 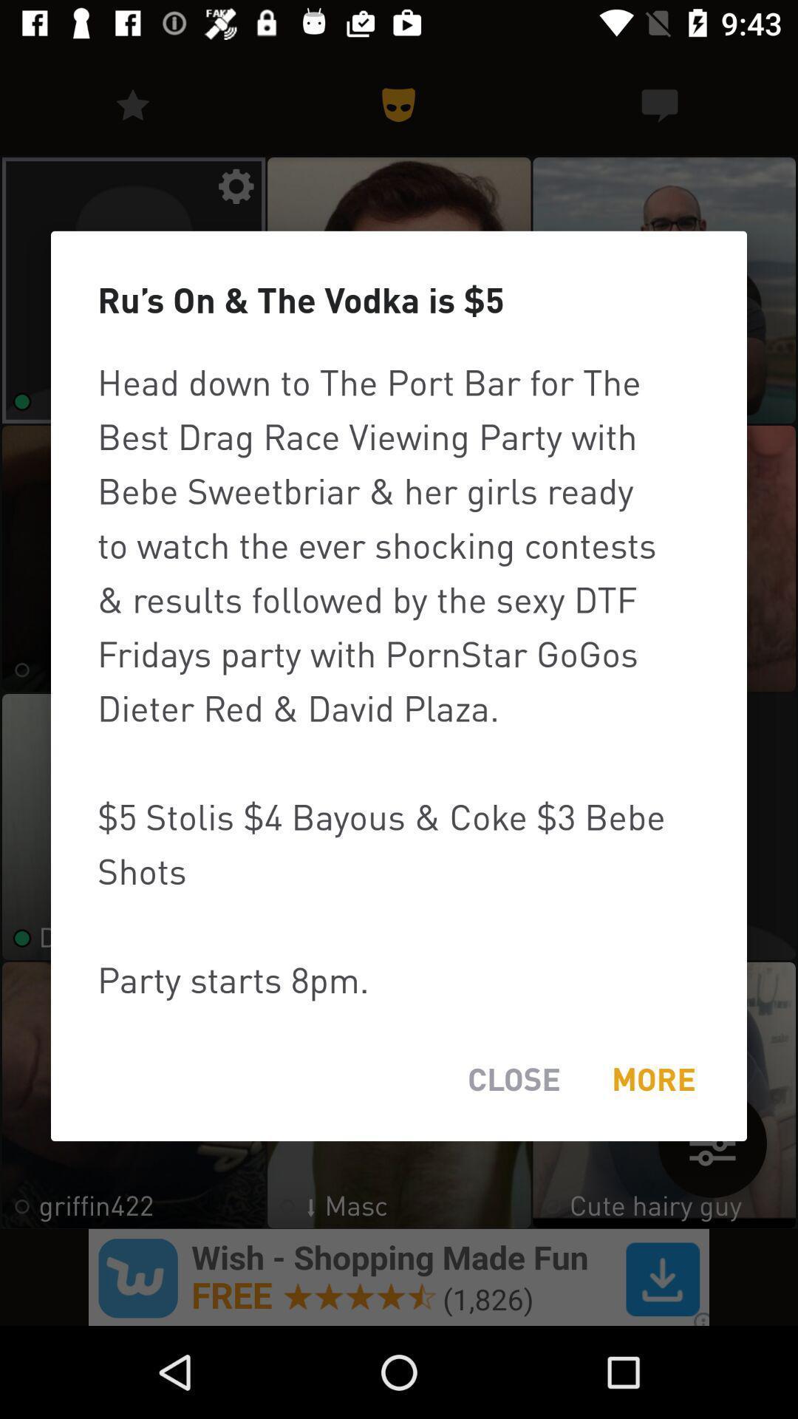 What do you see at coordinates (513, 1079) in the screenshot?
I see `the item below head down to item` at bounding box center [513, 1079].